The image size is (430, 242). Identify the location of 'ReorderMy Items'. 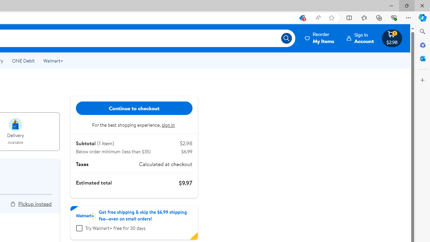
(319, 38).